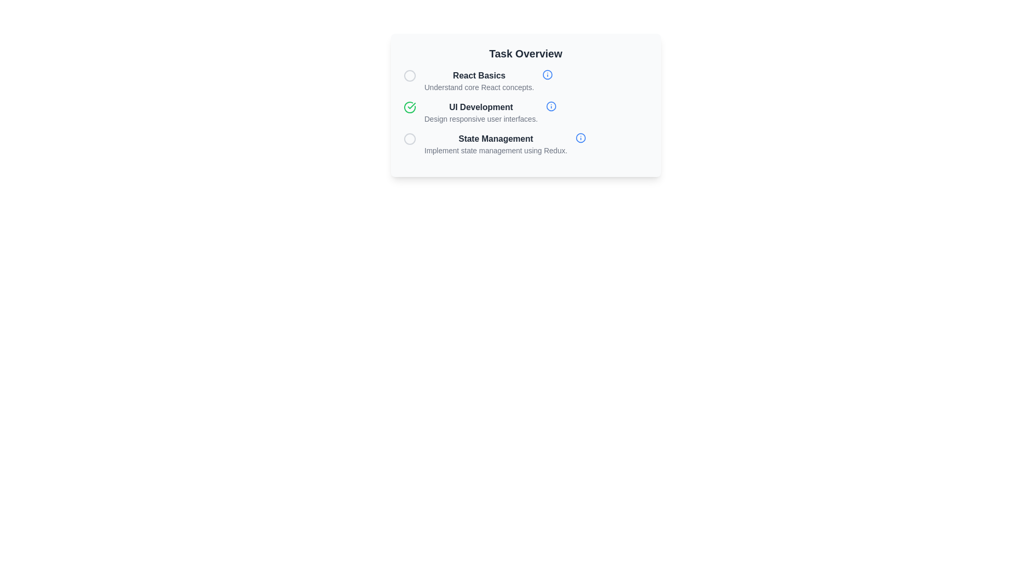 Image resolution: width=1013 pixels, height=569 pixels. I want to click on the 'UI Development' text block, which is the second item in the task list located between 'React Basics' and 'State Management', so click(480, 112).